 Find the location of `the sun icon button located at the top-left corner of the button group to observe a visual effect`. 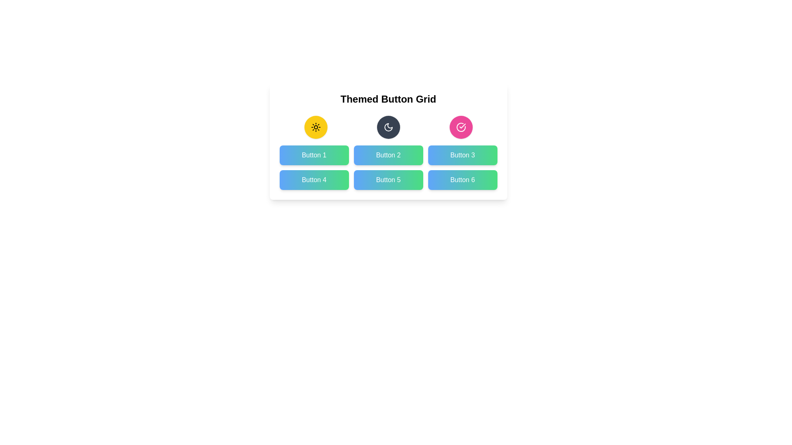

the sun icon button located at the top-left corner of the button group to observe a visual effect is located at coordinates (315, 127).